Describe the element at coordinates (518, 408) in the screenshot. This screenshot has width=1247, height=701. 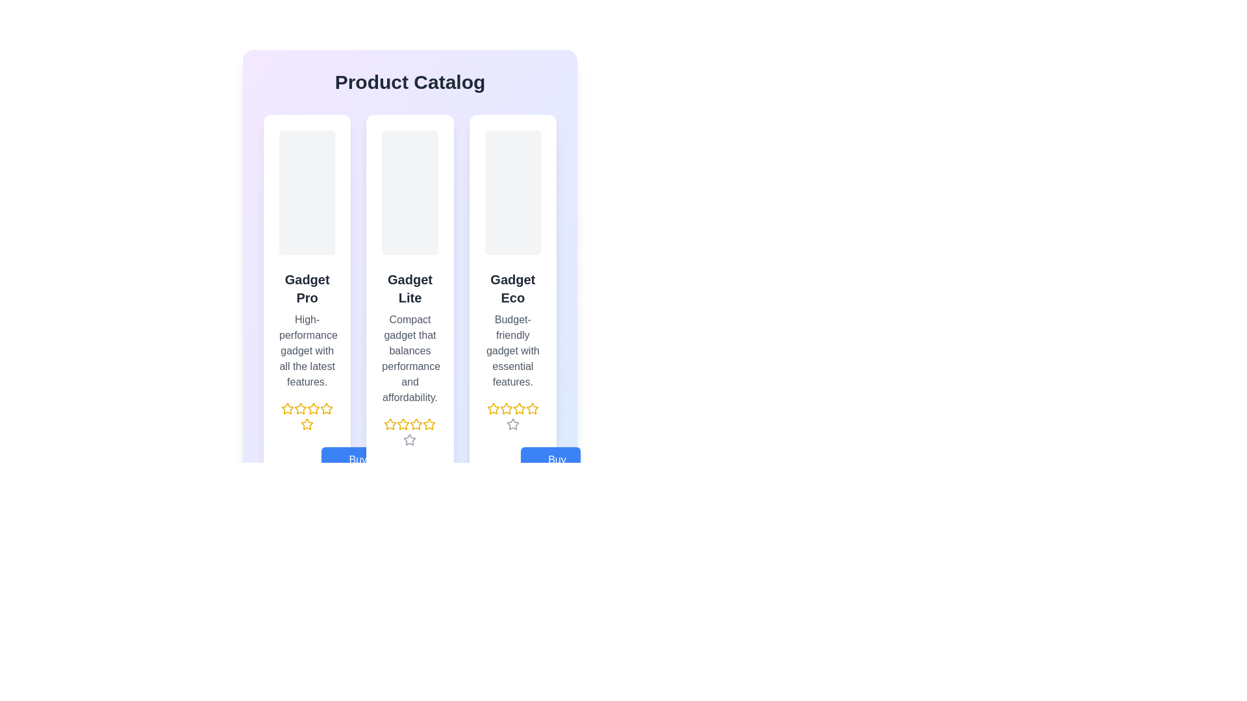
I see `the third star icon in the rating scale below the 'Gadget Eco' card` at that location.